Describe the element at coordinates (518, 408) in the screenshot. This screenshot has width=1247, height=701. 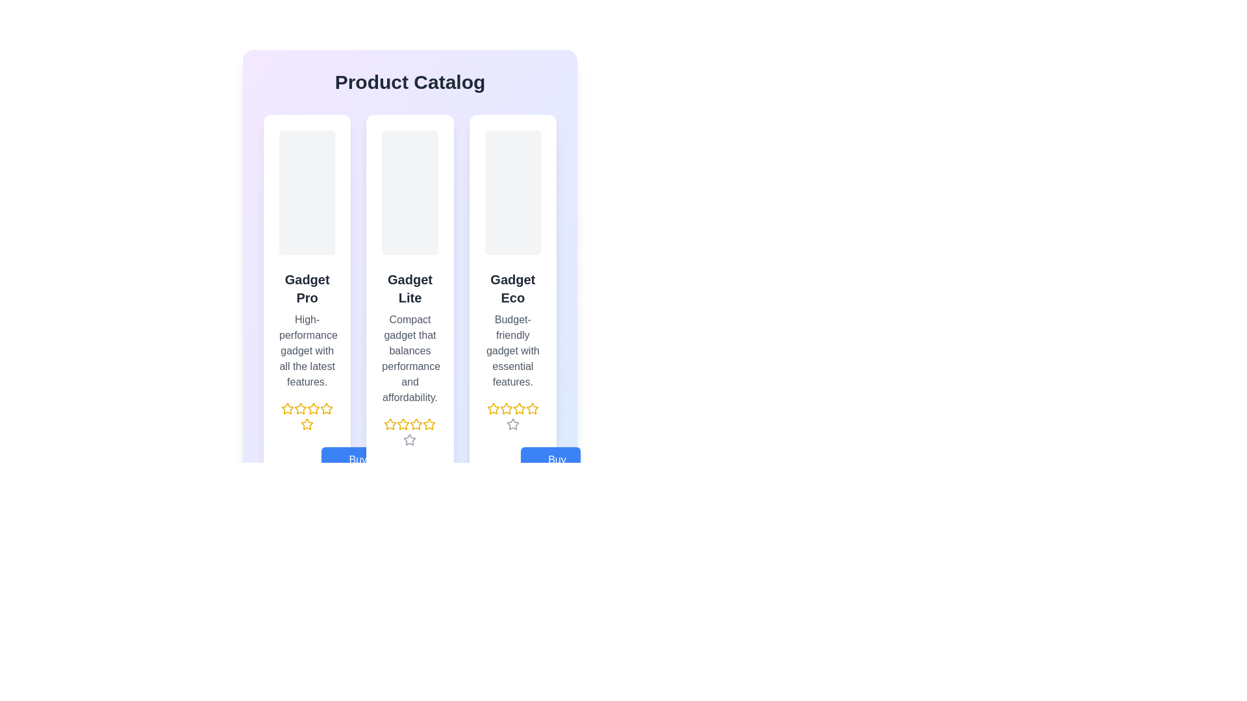
I see `the third star icon in the rating scale below the 'Gadget Eco' card` at that location.